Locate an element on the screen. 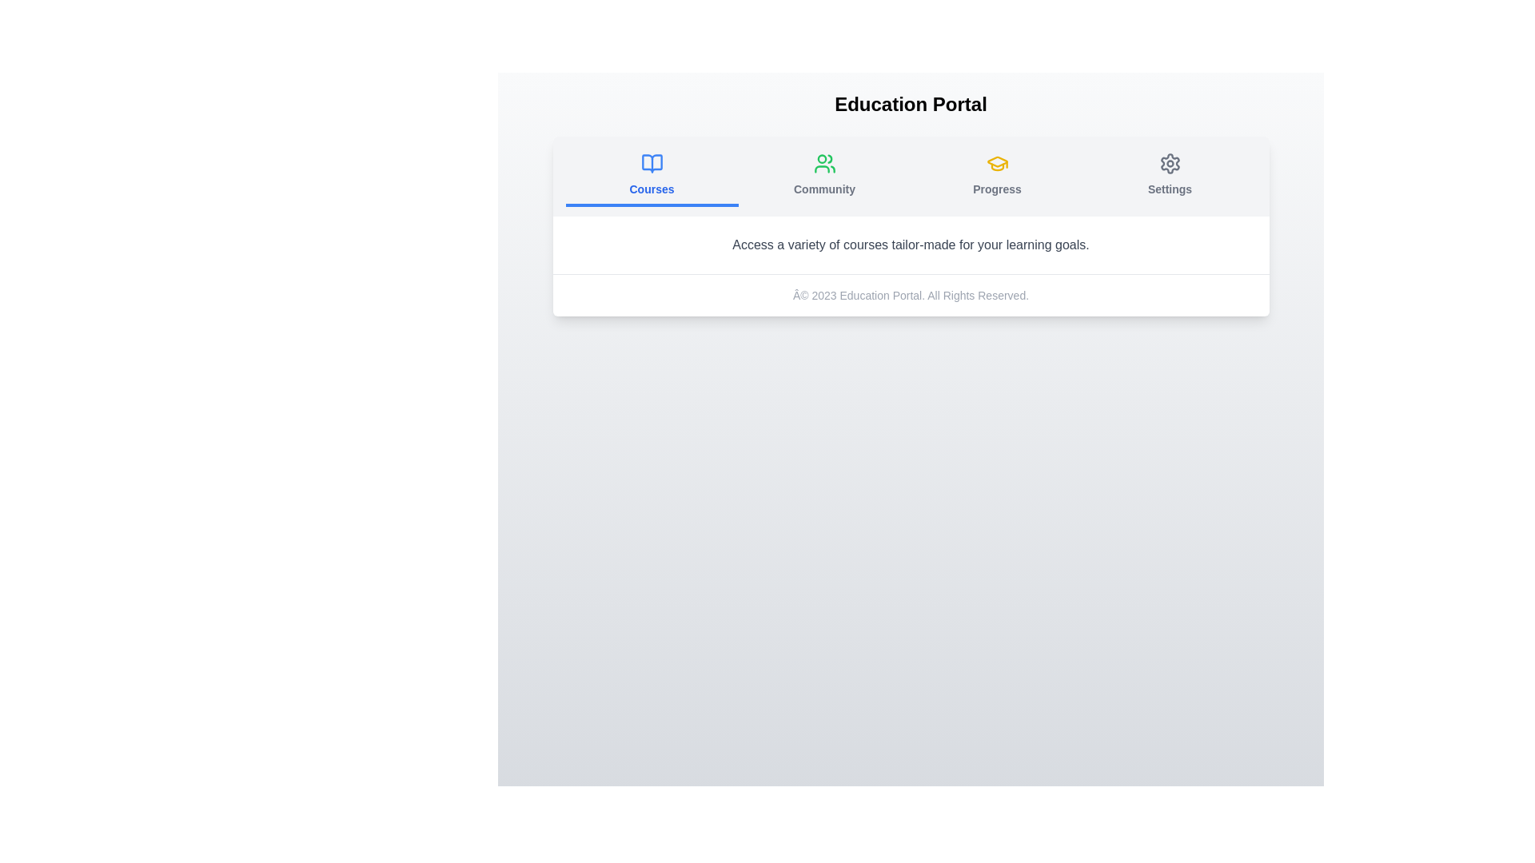  the 'Progress' button, which features a yellow graduation cap icon and is located in the navigation bar between 'Community' and 'Settings' is located at coordinates (996, 175).